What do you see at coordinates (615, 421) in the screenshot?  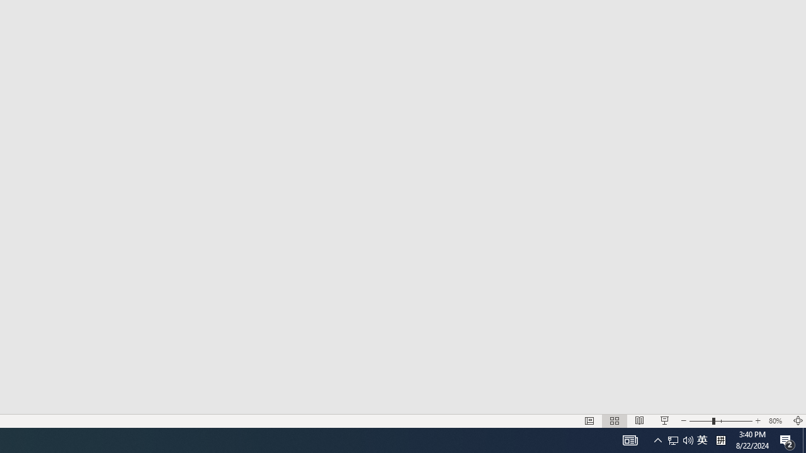 I see `'Slide Sorter'` at bounding box center [615, 421].